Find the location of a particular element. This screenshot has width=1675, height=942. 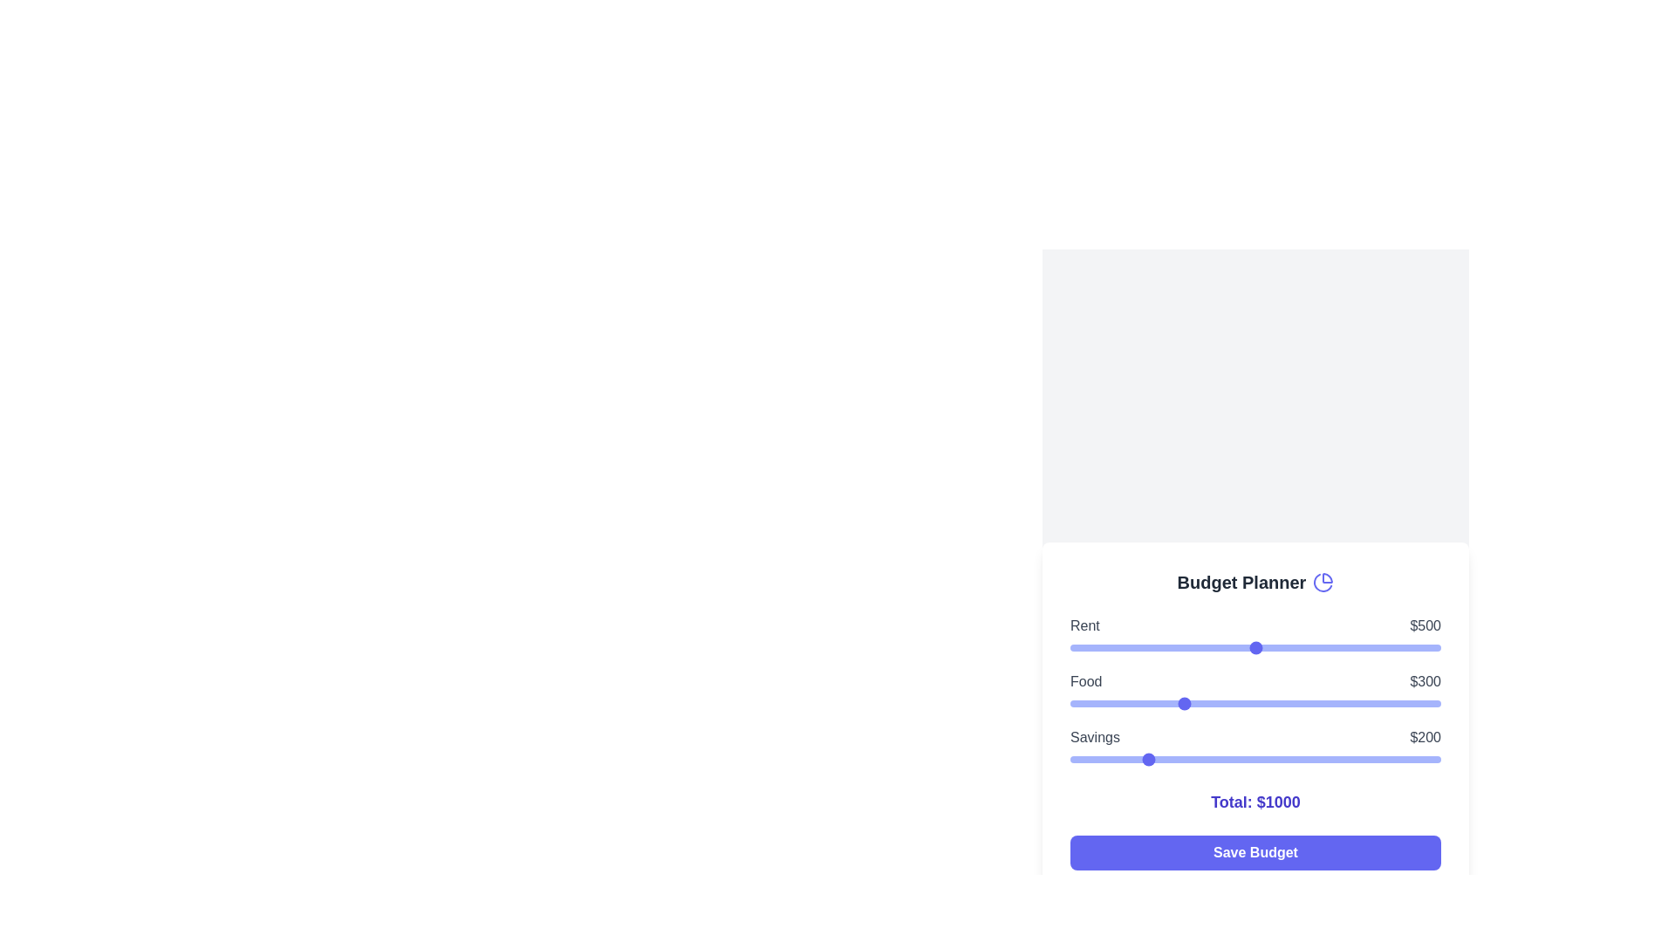

the food budget slider to 161 dollars is located at coordinates (1130, 702).